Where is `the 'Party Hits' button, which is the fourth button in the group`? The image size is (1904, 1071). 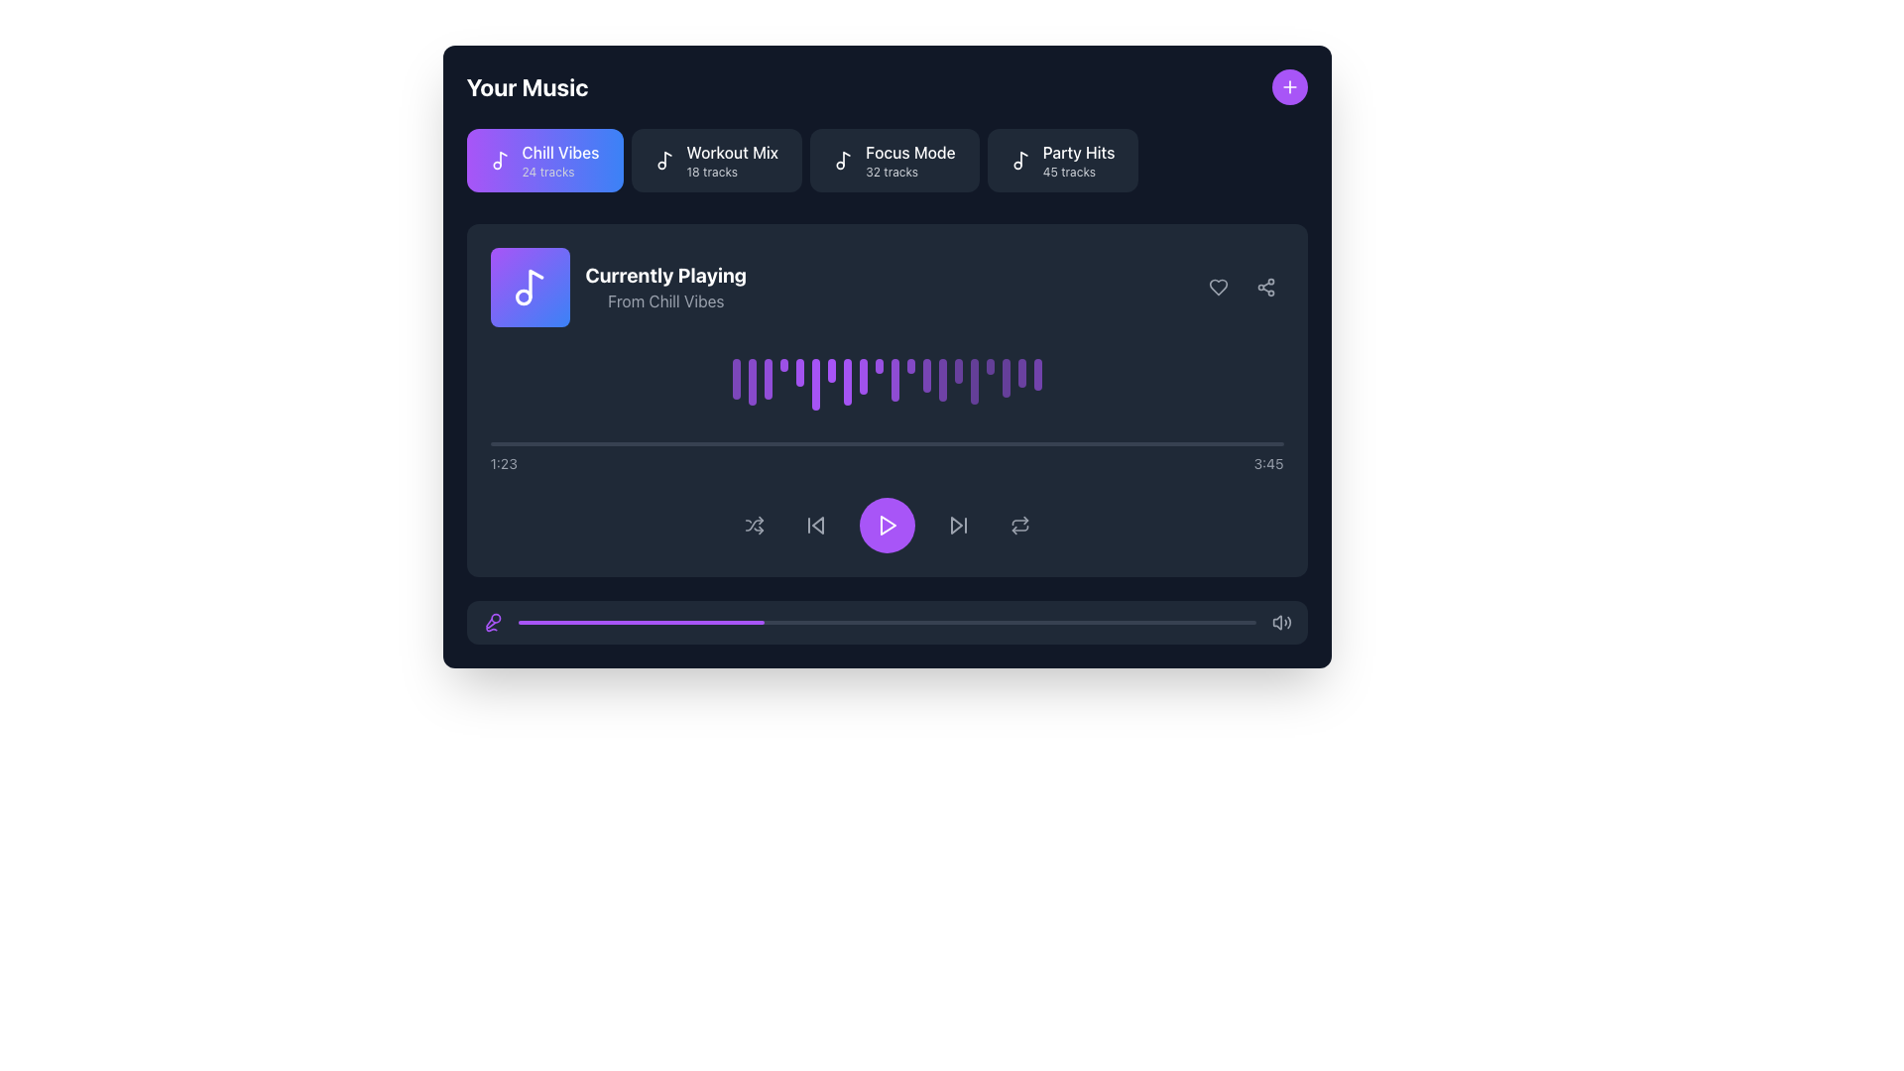
the 'Party Hits' button, which is the fourth button in the group is located at coordinates (1061, 160).